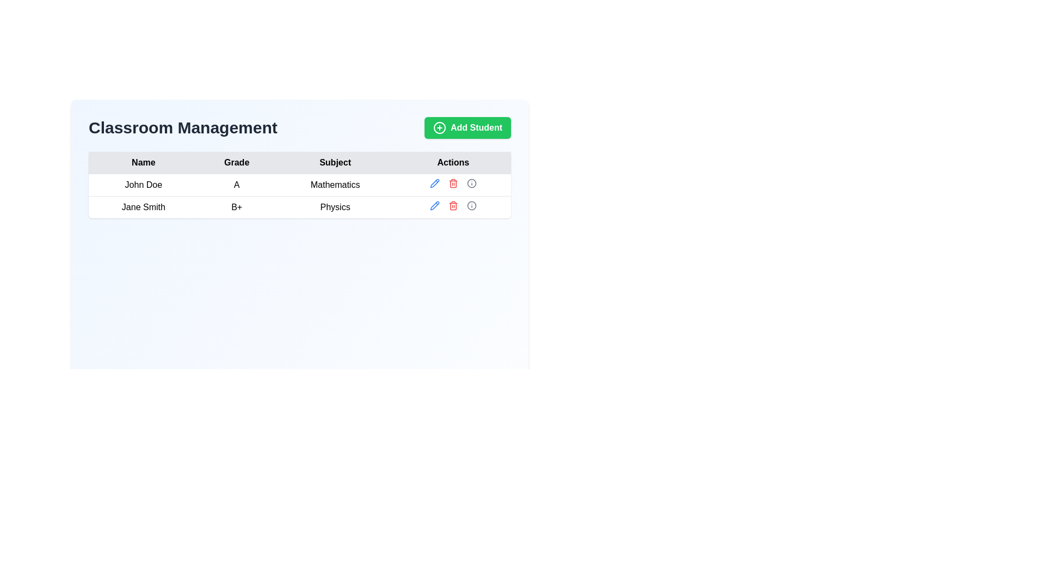  What do you see at coordinates (335, 163) in the screenshot?
I see `'Subject' label, which is the third column header in a four-column table located under the 'Classroom Management' title, styled with a gray background and bold black text` at bounding box center [335, 163].